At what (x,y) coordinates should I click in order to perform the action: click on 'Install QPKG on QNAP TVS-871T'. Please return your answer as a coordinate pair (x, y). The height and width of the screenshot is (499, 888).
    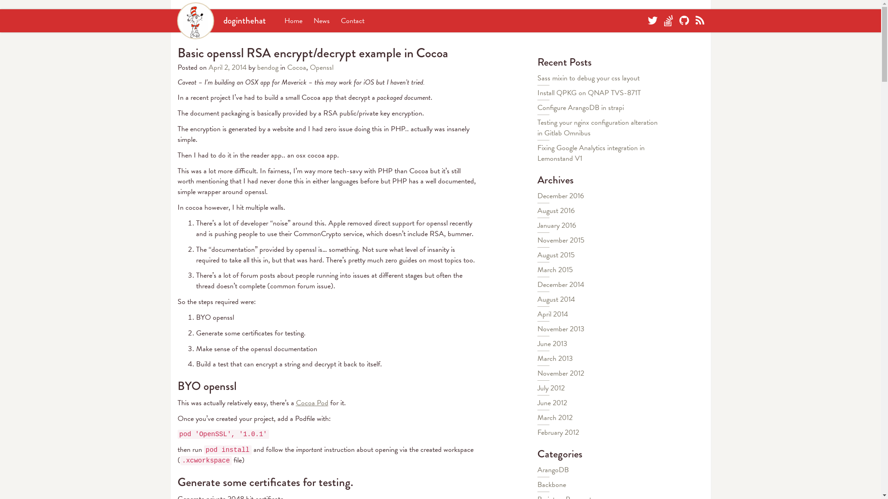
    Looking at the image, I should click on (537, 92).